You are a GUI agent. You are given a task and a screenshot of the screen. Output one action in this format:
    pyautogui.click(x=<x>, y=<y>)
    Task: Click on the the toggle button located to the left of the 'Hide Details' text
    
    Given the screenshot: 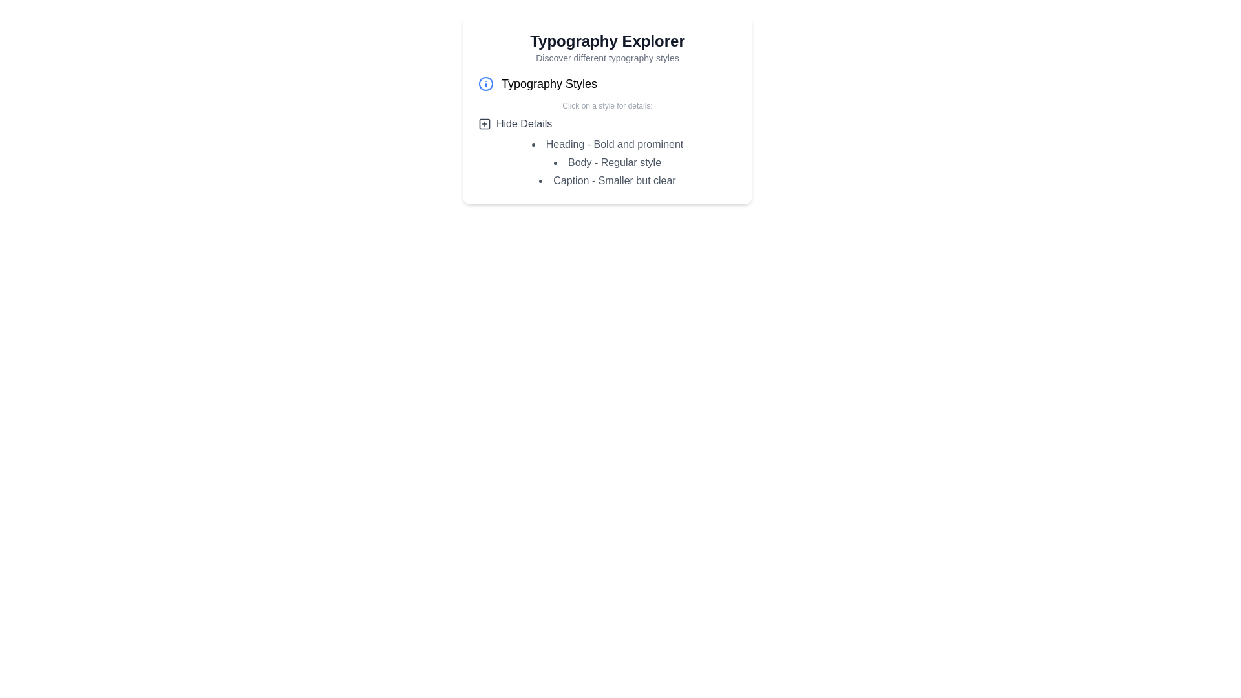 What is the action you would take?
    pyautogui.click(x=483, y=124)
    